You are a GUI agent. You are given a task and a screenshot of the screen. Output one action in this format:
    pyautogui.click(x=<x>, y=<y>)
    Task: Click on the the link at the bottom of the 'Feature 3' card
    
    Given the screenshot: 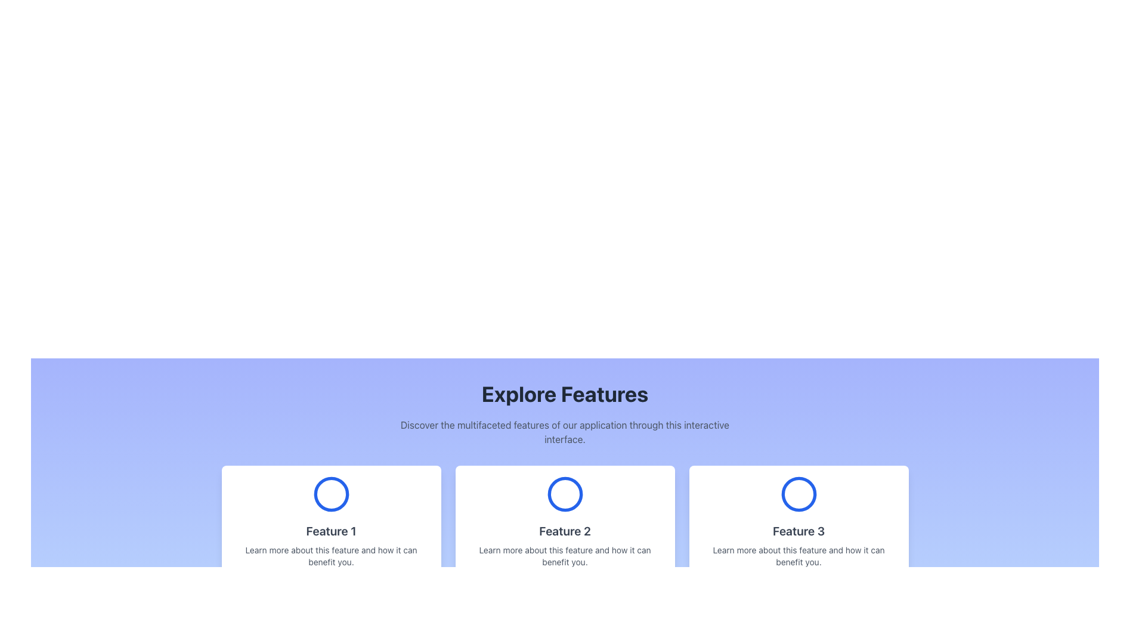 What is the action you would take?
    pyautogui.click(x=799, y=584)
    